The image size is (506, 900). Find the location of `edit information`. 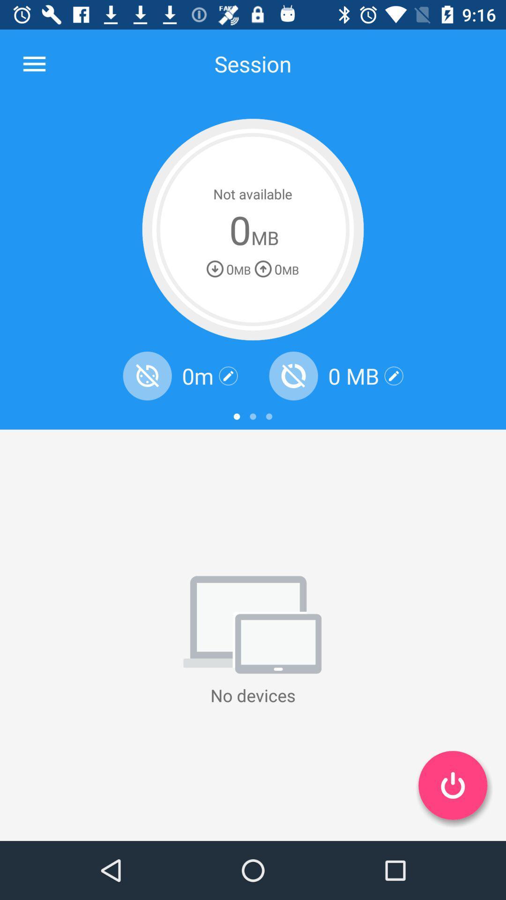

edit information is located at coordinates (228, 376).